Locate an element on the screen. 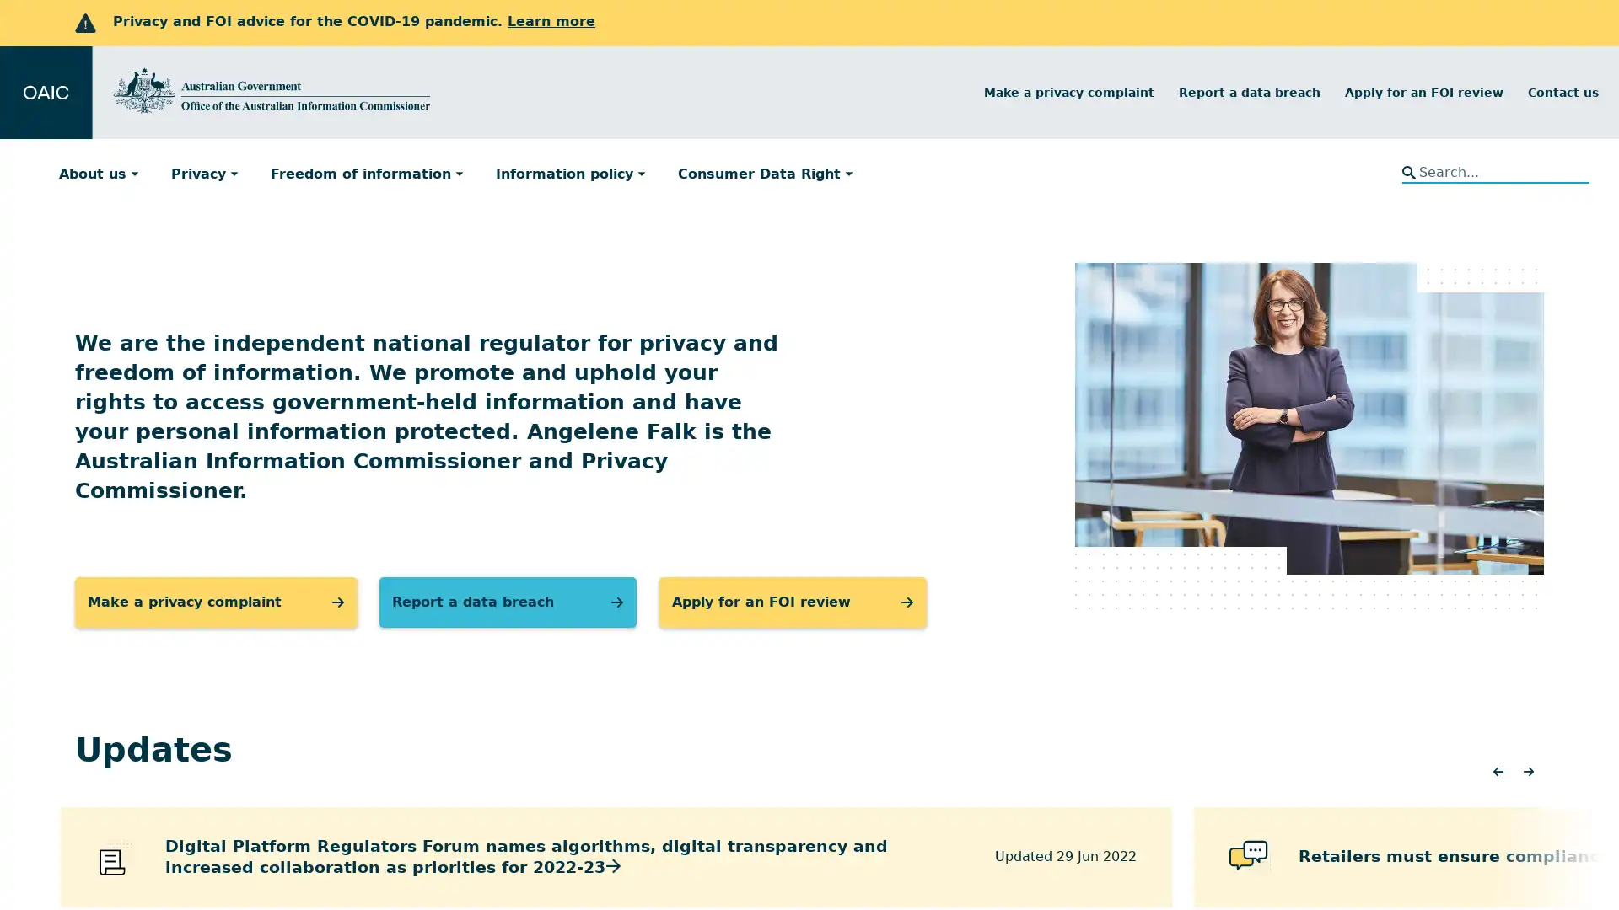  Open sub menu for Freedom of information is located at coordinates (465, 173).